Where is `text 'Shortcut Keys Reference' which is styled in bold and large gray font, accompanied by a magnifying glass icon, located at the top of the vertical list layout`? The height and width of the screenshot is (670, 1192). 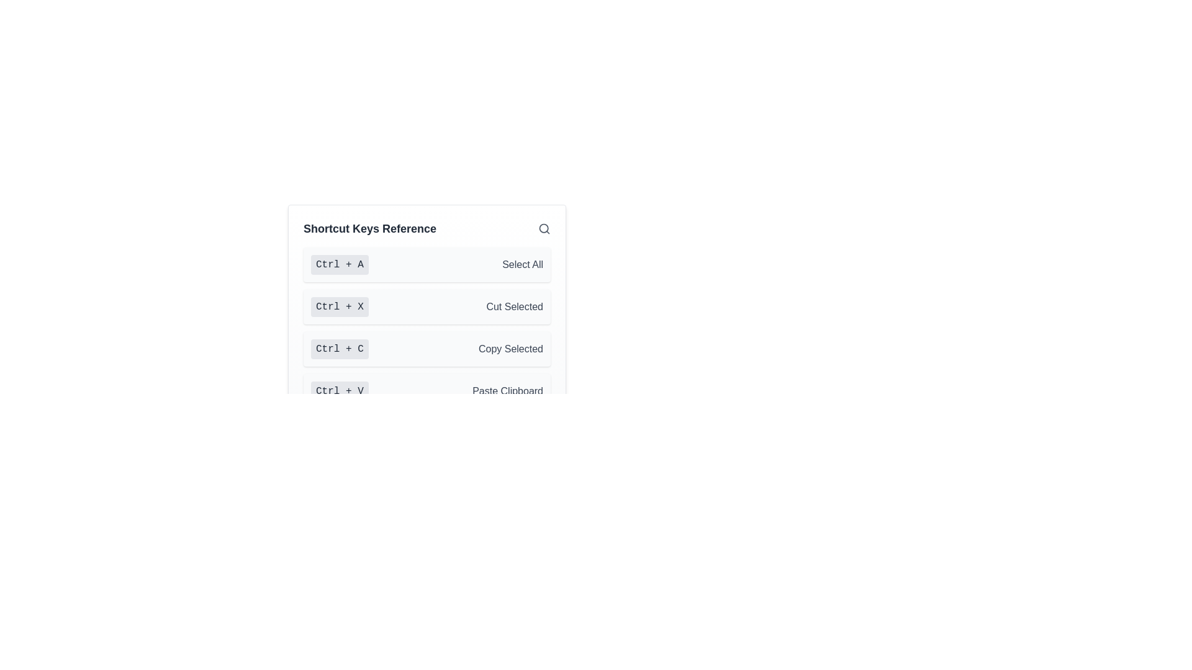 text 'Shortcut Keys Reference' which is styled in bold and large gray font, accompanied by a magnifying glass icon, located at the top of the vertical list layout is located at coordinates (427, 229).